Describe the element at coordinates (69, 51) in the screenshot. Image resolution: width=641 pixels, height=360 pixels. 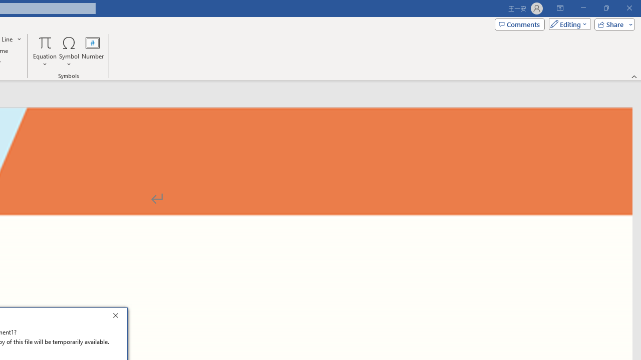
I see `'Symbol'` at that location.